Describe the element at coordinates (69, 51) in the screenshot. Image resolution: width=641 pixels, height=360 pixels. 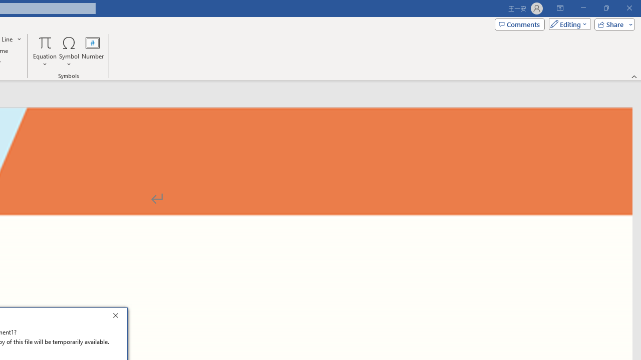
I see `'Symbol'` at that location.